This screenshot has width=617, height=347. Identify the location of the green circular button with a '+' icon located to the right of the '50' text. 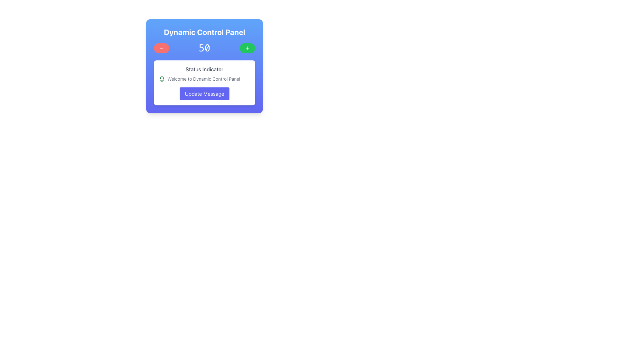
(247, 48).